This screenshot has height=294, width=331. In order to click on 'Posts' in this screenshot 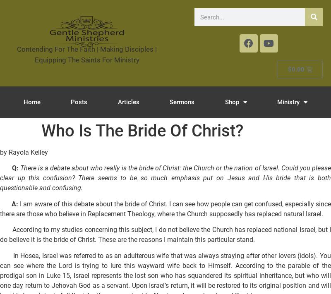, I will do `click(70, 102)`.